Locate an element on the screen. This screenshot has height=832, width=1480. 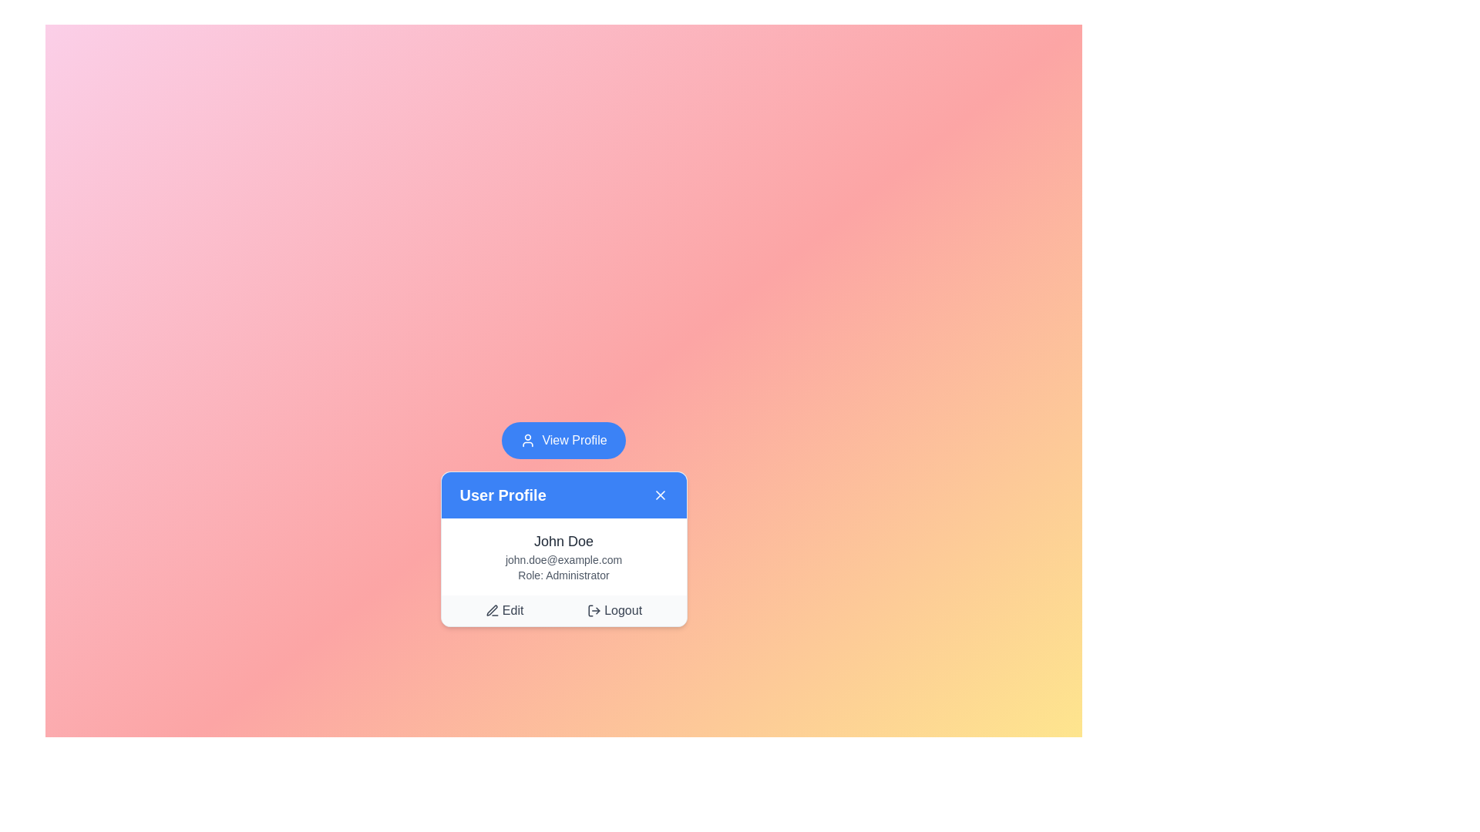
the 'Edit Profile' button located in the footer section of the 'User Profile' card to initiate editing is located at coordinates (504, 610).